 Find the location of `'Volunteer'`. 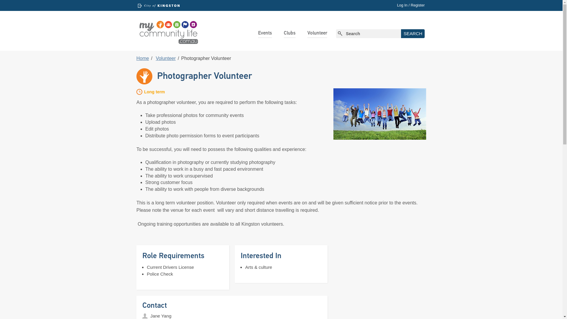

'Volunteer' is located at coordinates (165, 58).